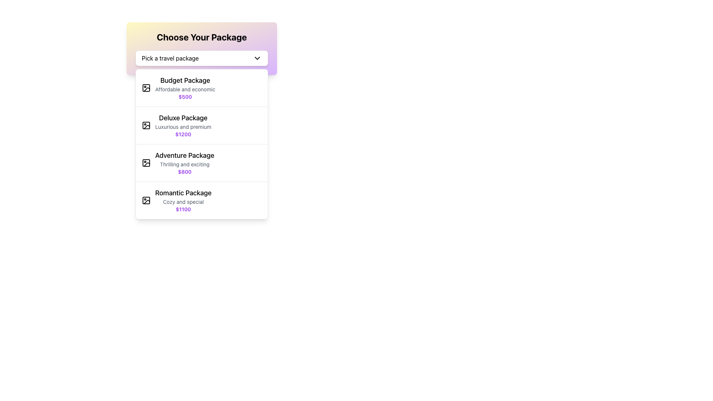  What do you see at coordinates (183, 193) in the screenshot?
I see `the 'Romantic Package' text label, which is positioned as the first line of the fourth listing in the dropdown menu, directly above the descriptive text 'Cozy and special' and the price '$1100'` at bounding box center [183, 193].